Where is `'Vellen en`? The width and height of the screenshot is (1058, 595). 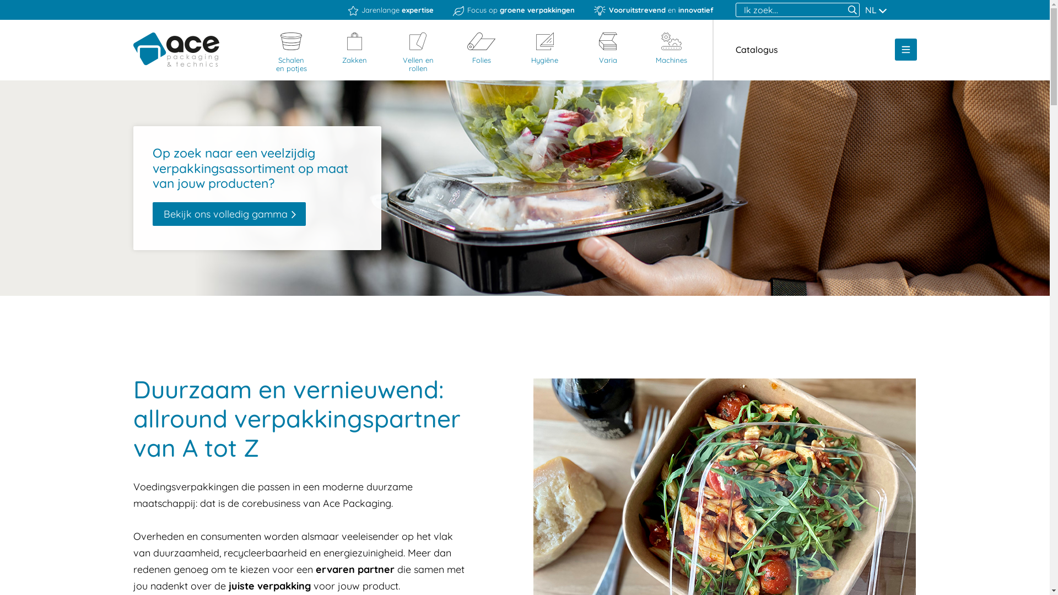
'Vellen en is located at coordinates (417, 53).